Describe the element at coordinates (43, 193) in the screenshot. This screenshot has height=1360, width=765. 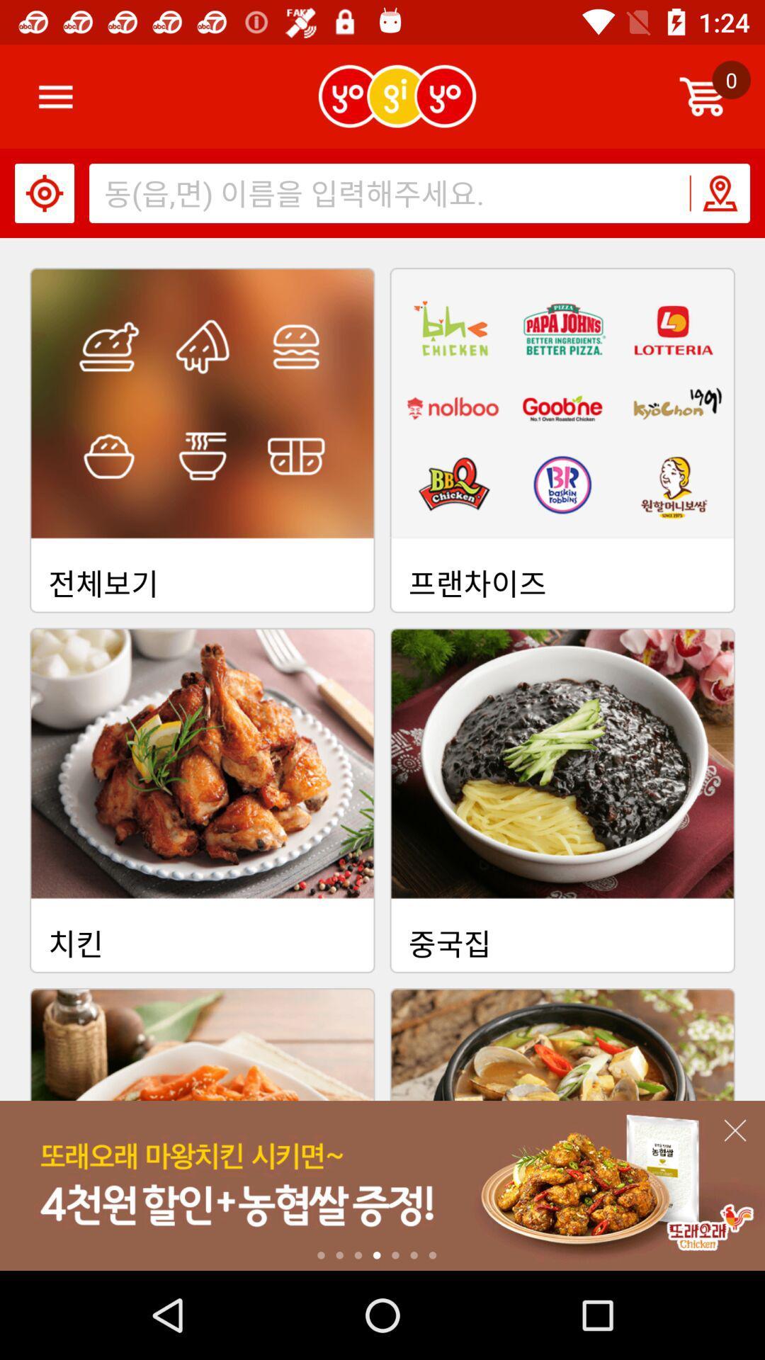
I see `the location_crosshair icon` at that location.